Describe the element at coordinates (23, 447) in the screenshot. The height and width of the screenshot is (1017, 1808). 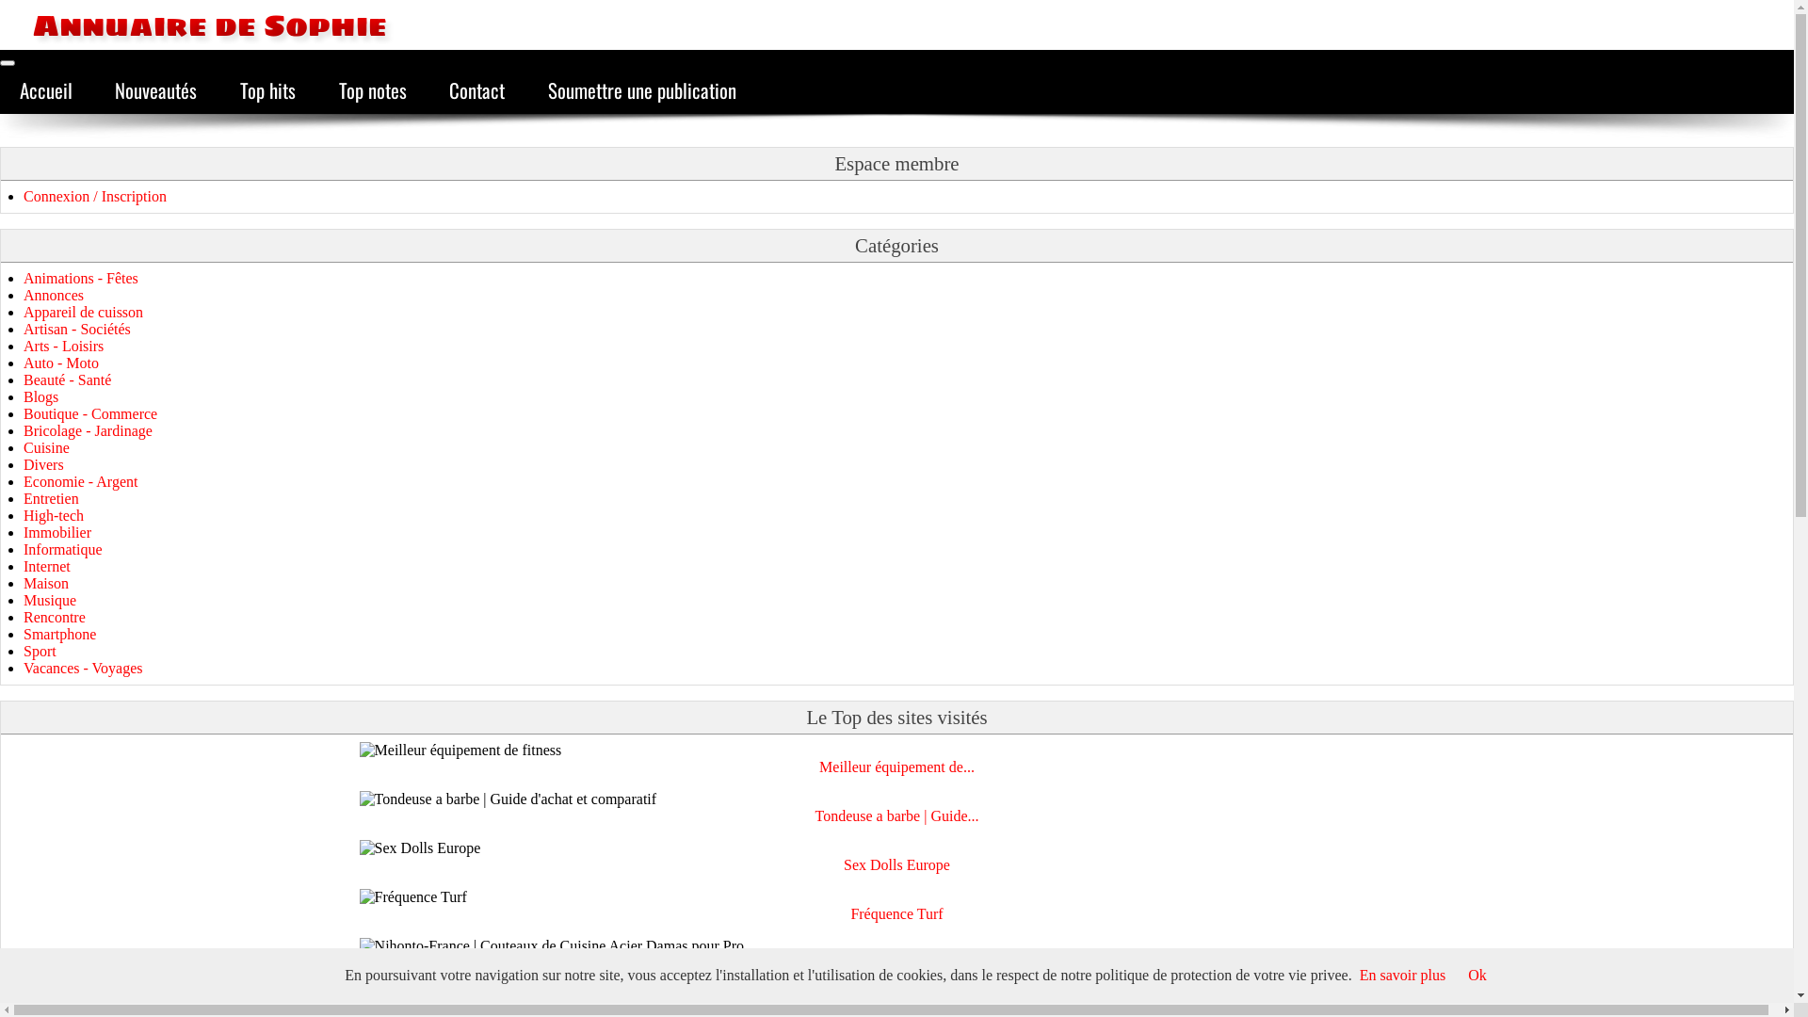
I see `'Cuisine'` at that location.